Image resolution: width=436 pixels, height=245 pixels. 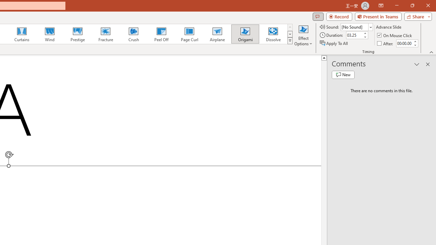 I want to click on 'Sound', so click(x=356, y=27).